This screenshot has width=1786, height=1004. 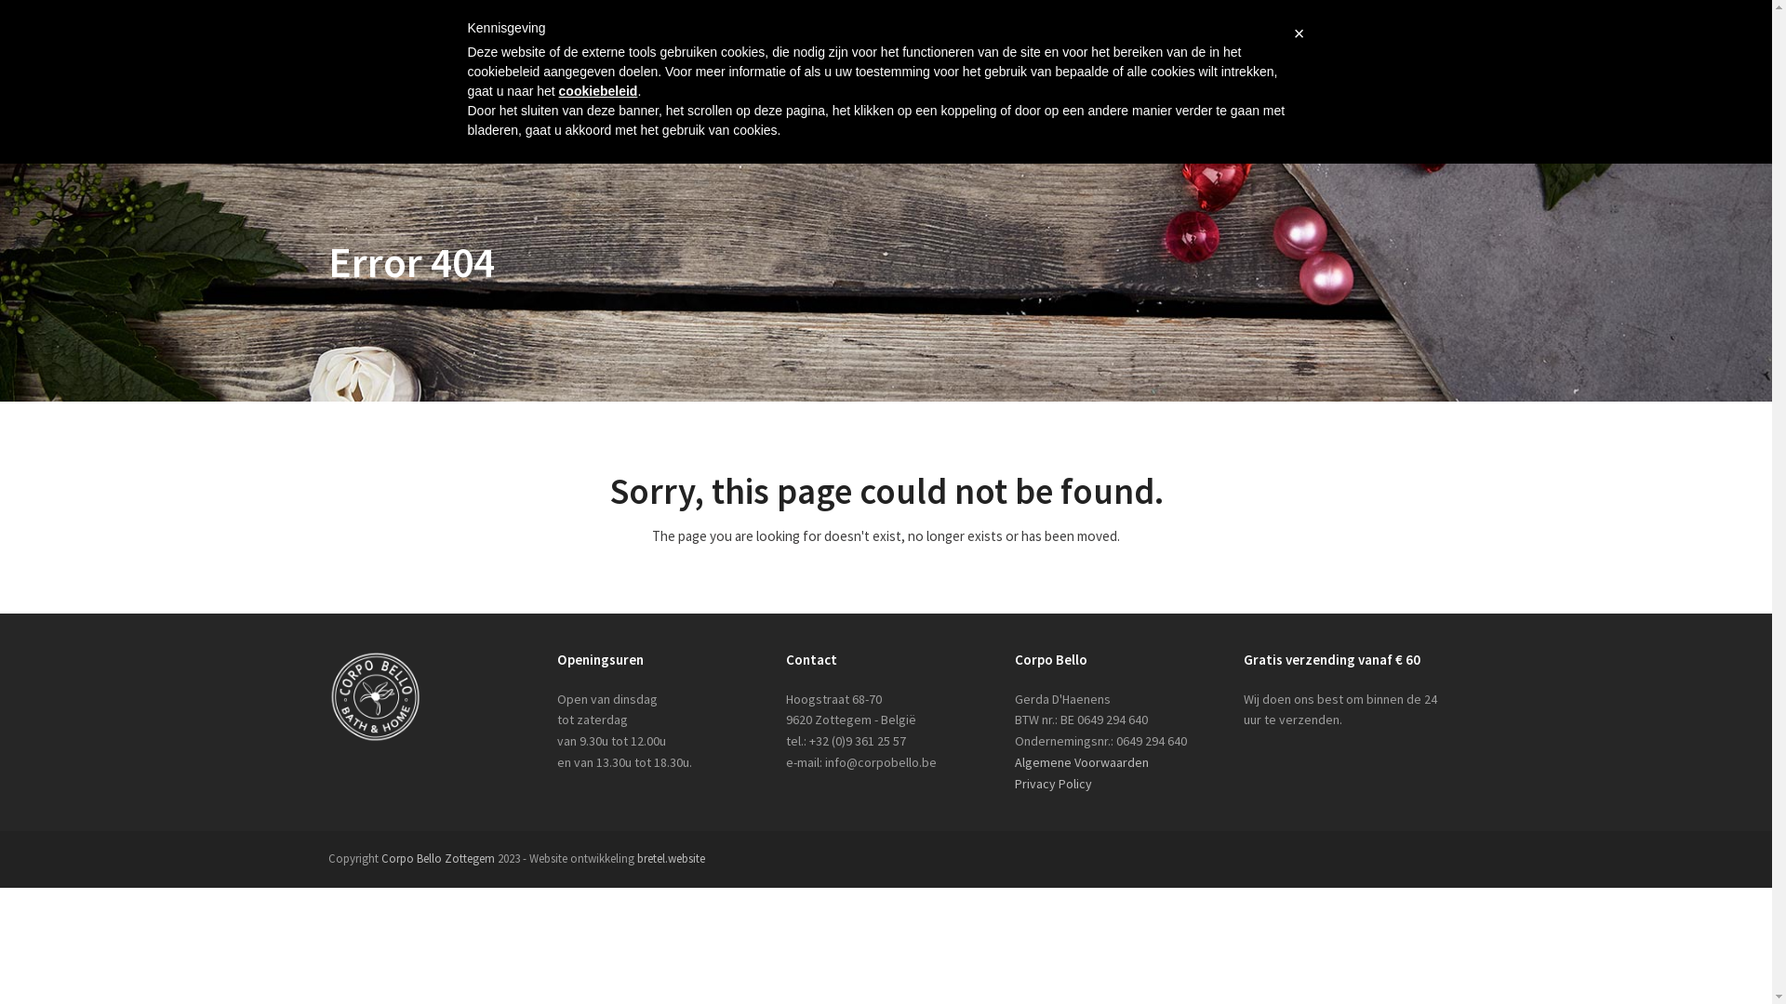 I want to click on 'bretel.website', so click(x=670, y=858).